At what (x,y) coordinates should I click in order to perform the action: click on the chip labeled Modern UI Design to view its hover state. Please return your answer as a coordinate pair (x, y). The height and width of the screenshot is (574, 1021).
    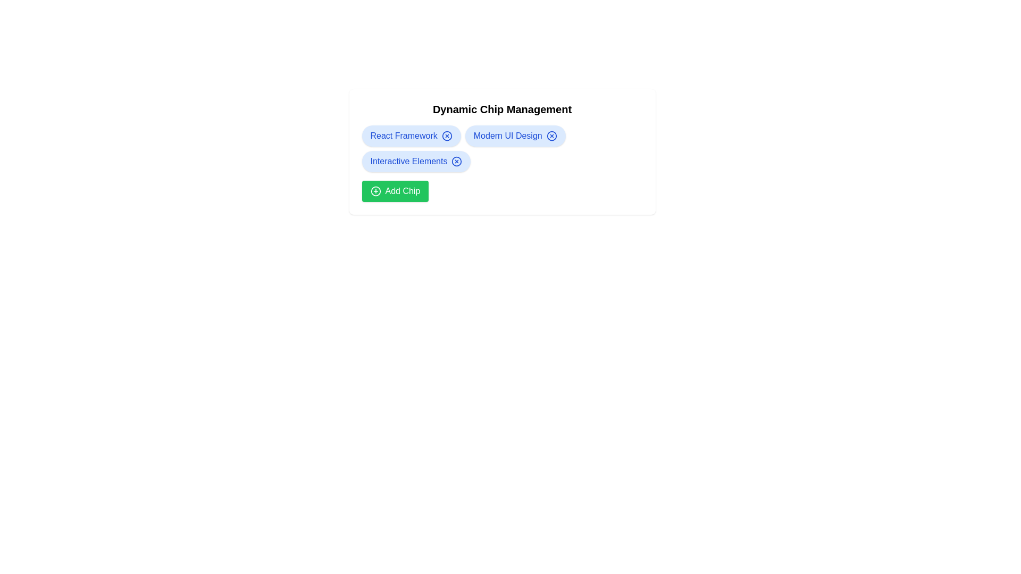
    Looking at the image, I should click on (515, 135).